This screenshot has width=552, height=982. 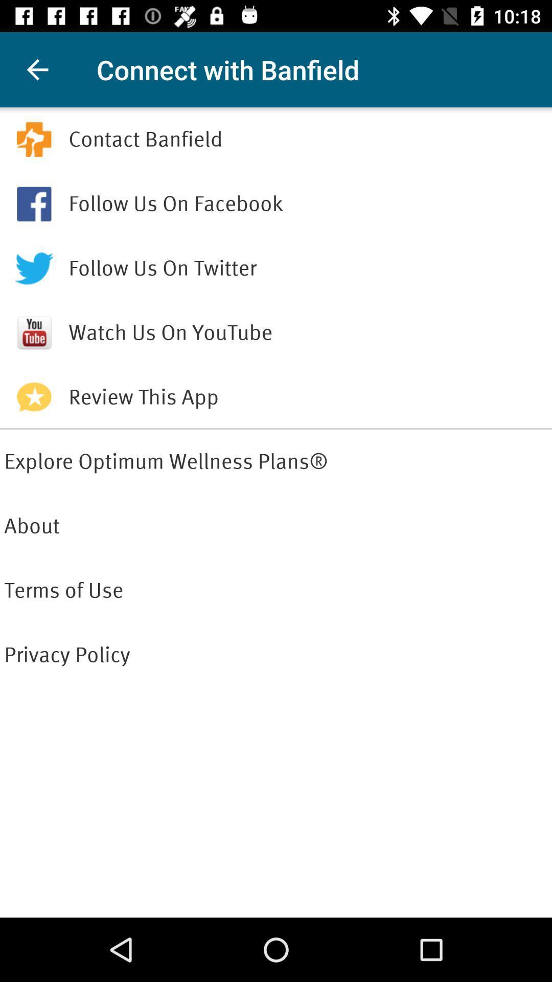 I want to click on the icon above privacy policy icon, so click(x=276, y=591).